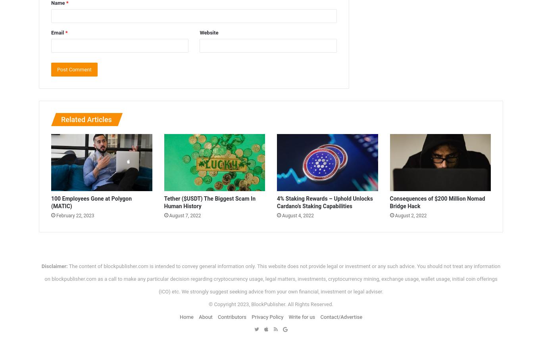  I want to click on '4% Staking Rewards – Uphold Unlocks Cardano’s Staking Capabilities', so click(325, 201).